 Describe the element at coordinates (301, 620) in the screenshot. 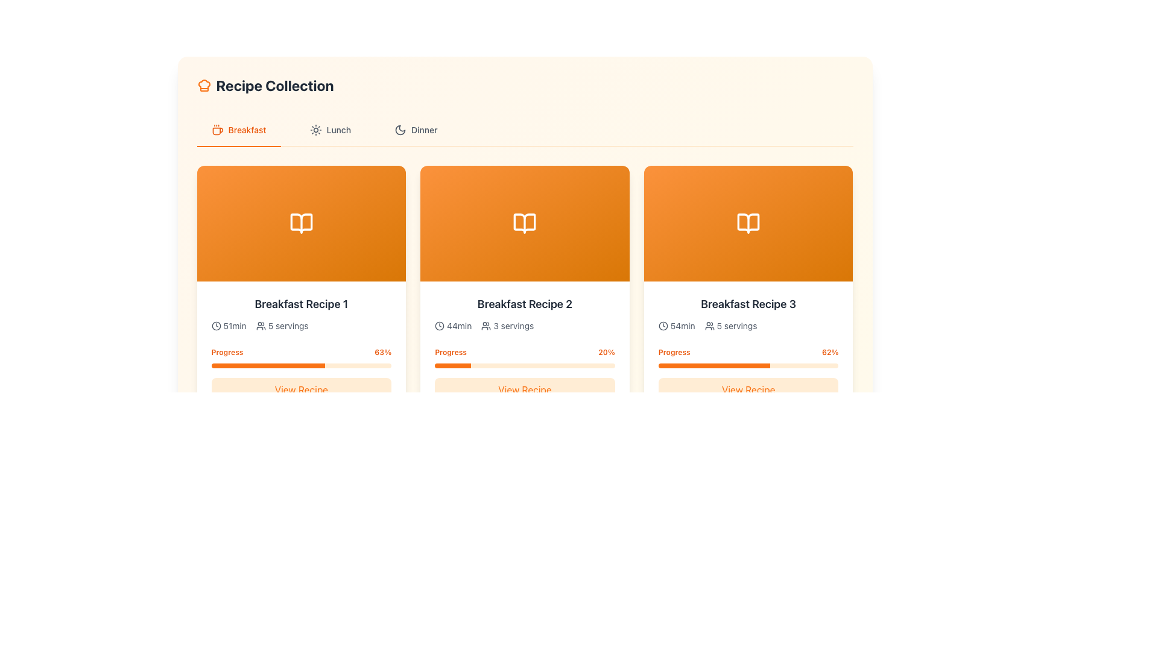

I see `progress information from the progress bar element displaying 'Progress' and '37%' above the orange filled bar, located in the third recipe card above the 'View Recipe' button` at that location.